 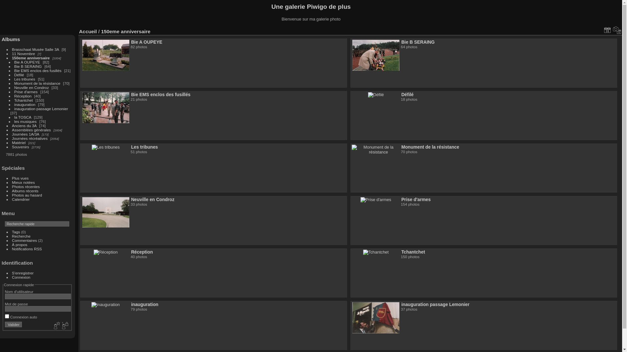 What do you see at coordinates (12, 249) in the screenshot?
I see `'Notifications RSS'` at bounding box center [12, 249].